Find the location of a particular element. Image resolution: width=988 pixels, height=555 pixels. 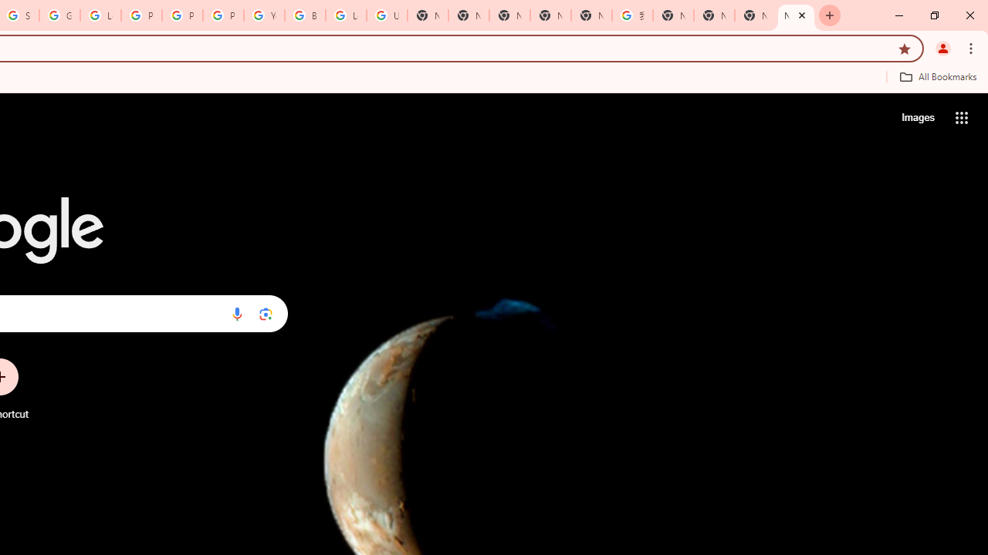

'Privacy Help Center - Policies Help' is located at coordinates (182, 15).